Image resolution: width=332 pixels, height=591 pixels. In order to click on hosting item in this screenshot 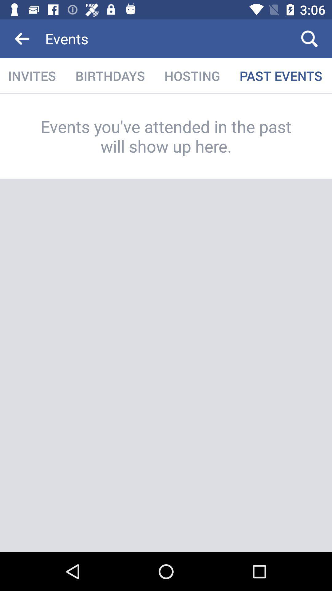, I will do `click(192, 75)`.